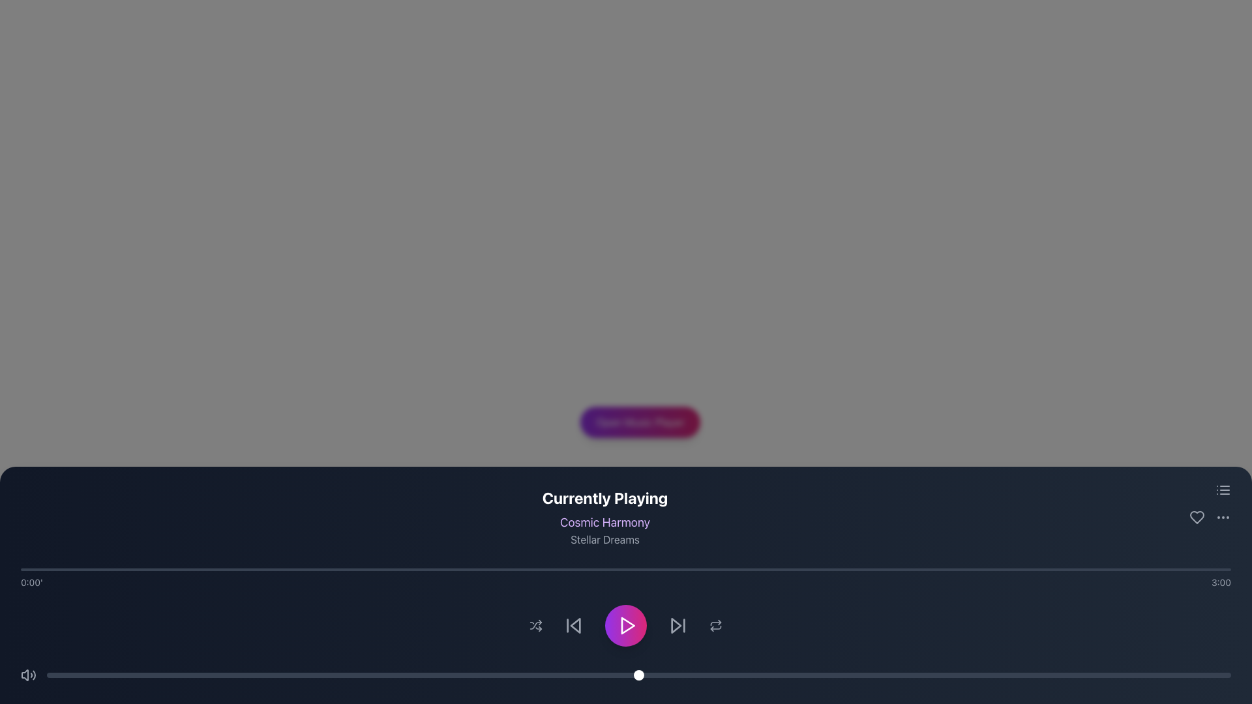 The height and width of the screenshot is (704, 1252). What do you see at coordinates (1220, 582) in the screenshot?
I see `the total playback time label located at the far-right end of the timeline section in the playback control area` at bounding box center [1220, 582].